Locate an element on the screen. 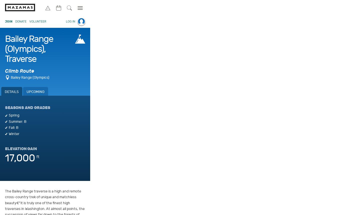 The width and height of the screenshot is (360, 215). 'Summer: B' is located at coordinates (17, 121).